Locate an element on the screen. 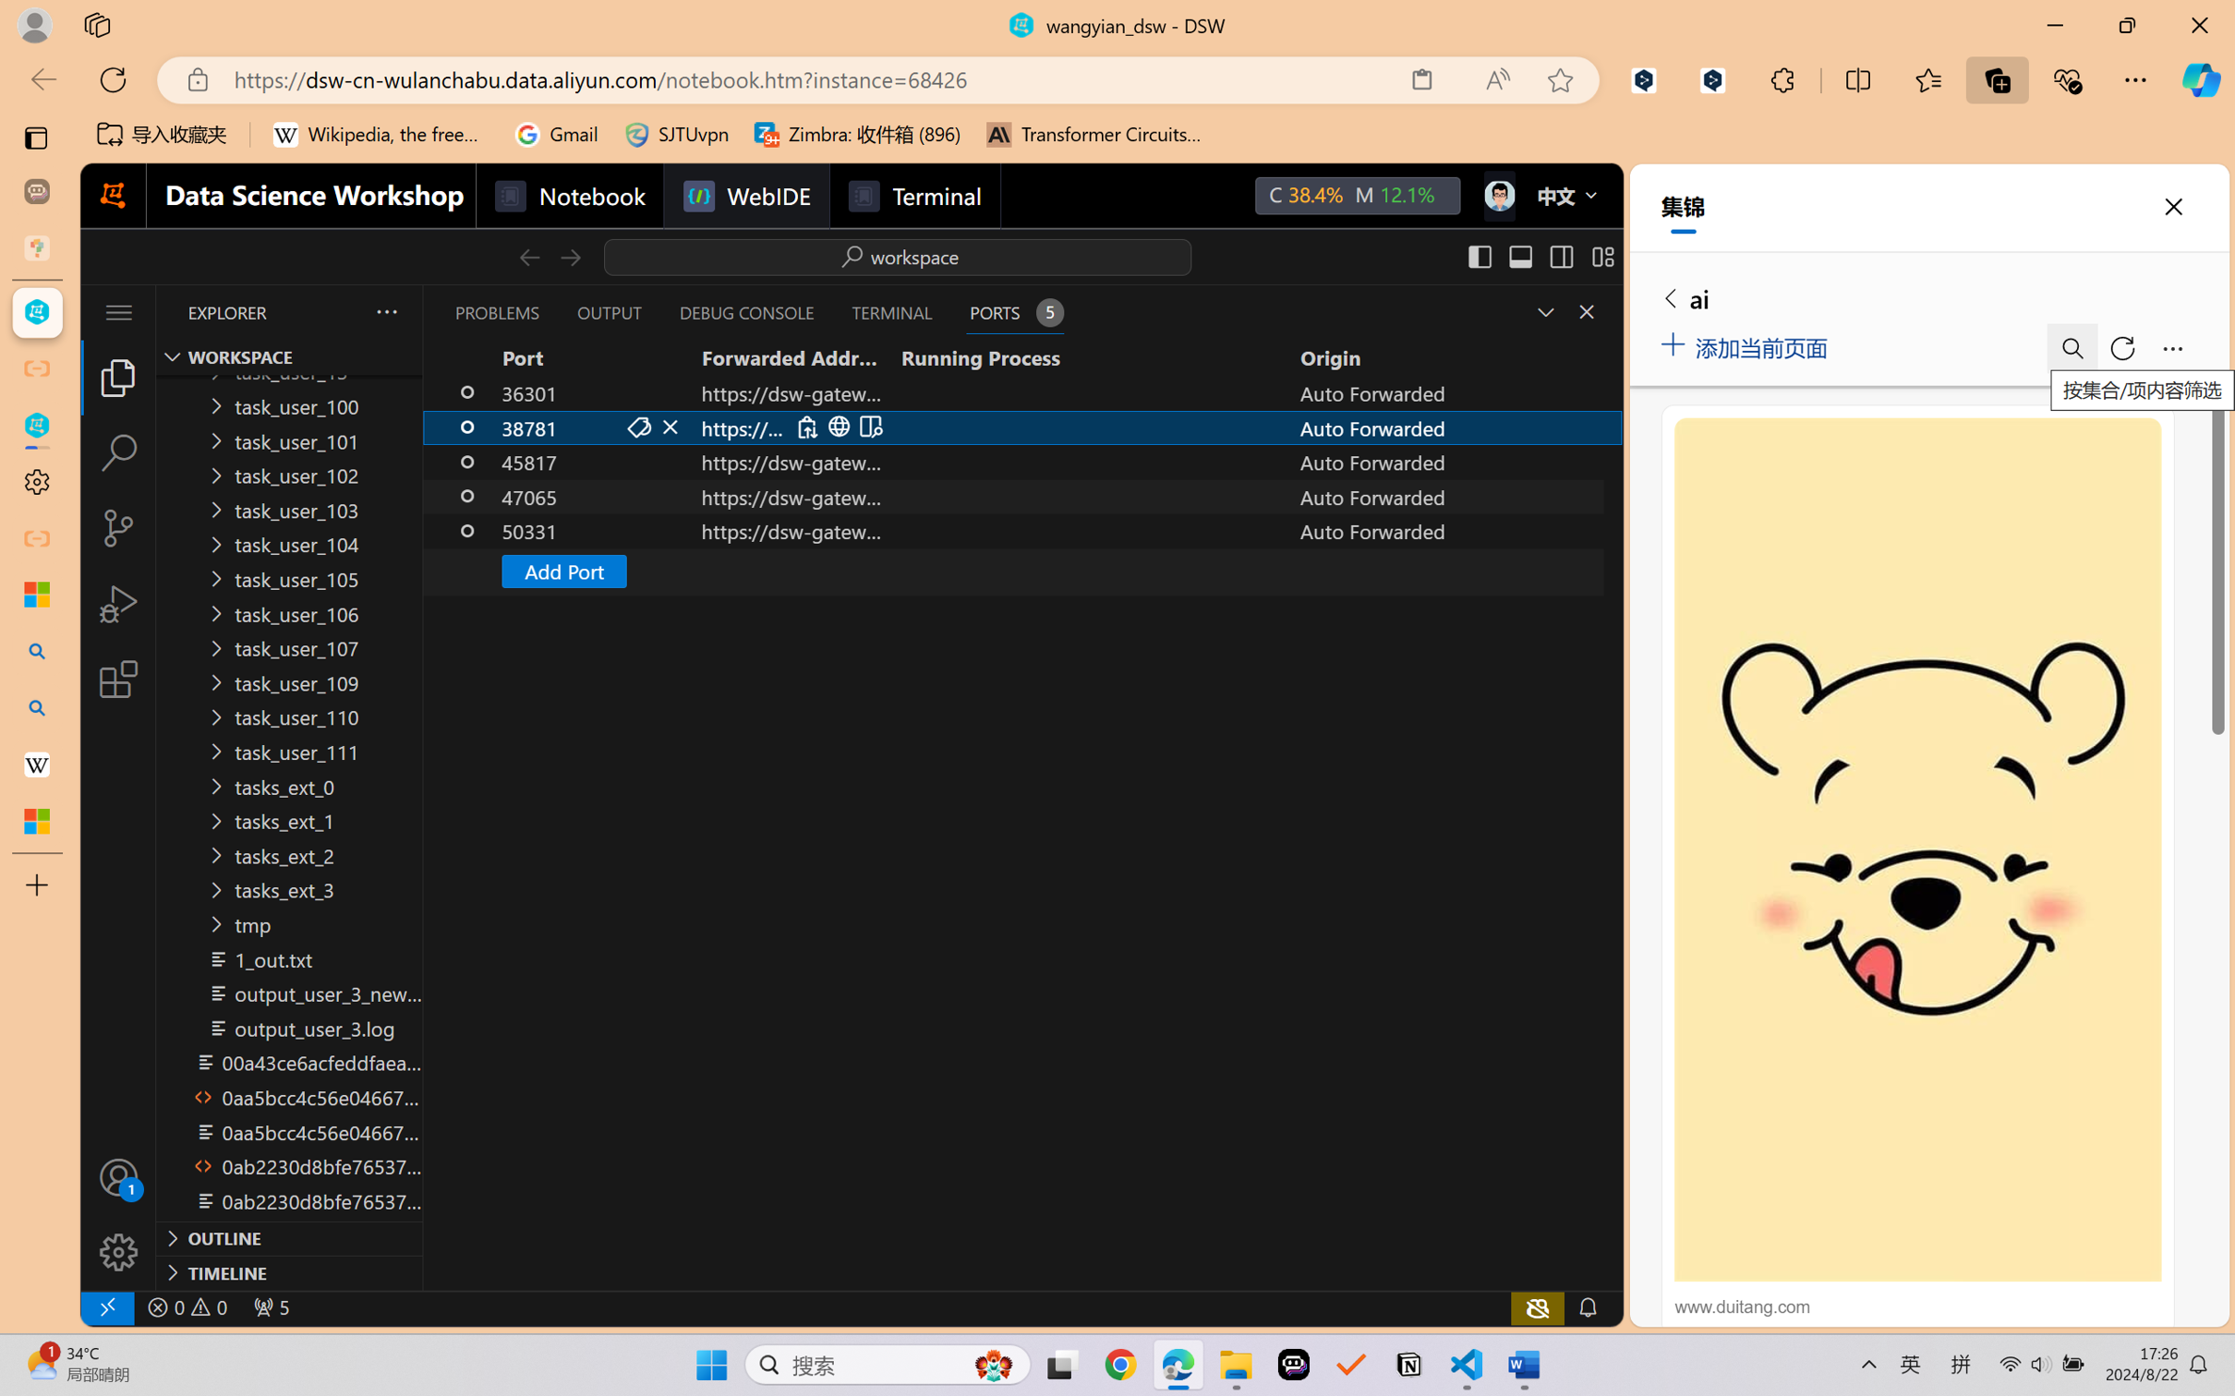  'Class: next-menu next-hoz widgets--iconMenu--BFkiHRM' is located at coordinates (1497, 195).